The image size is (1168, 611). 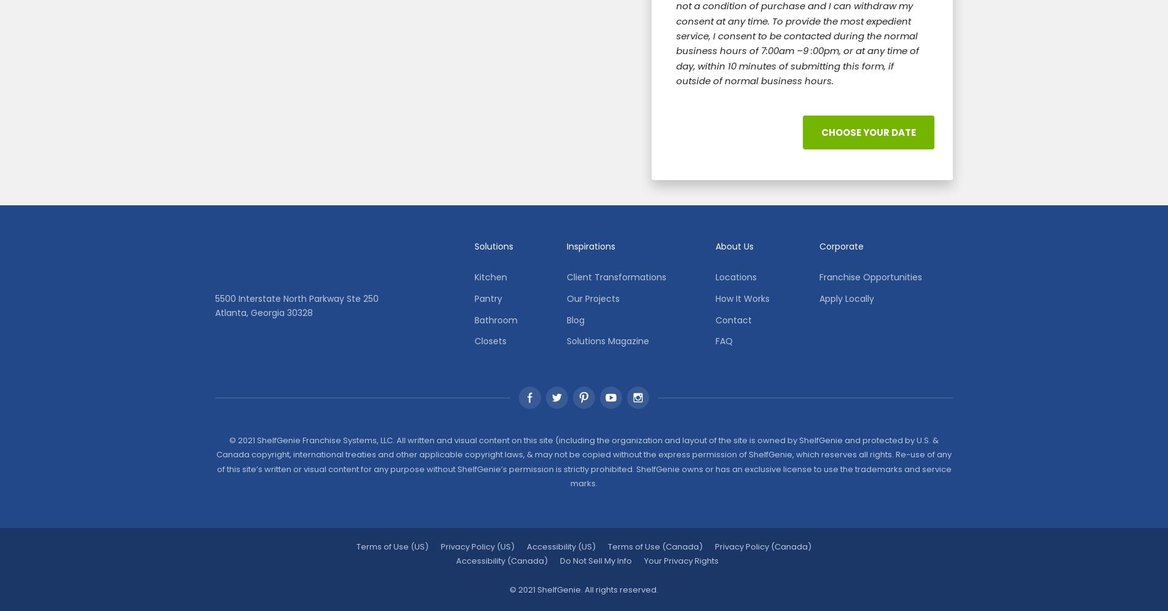 I want to click on 'Pantry', so click(x=487, y=297).